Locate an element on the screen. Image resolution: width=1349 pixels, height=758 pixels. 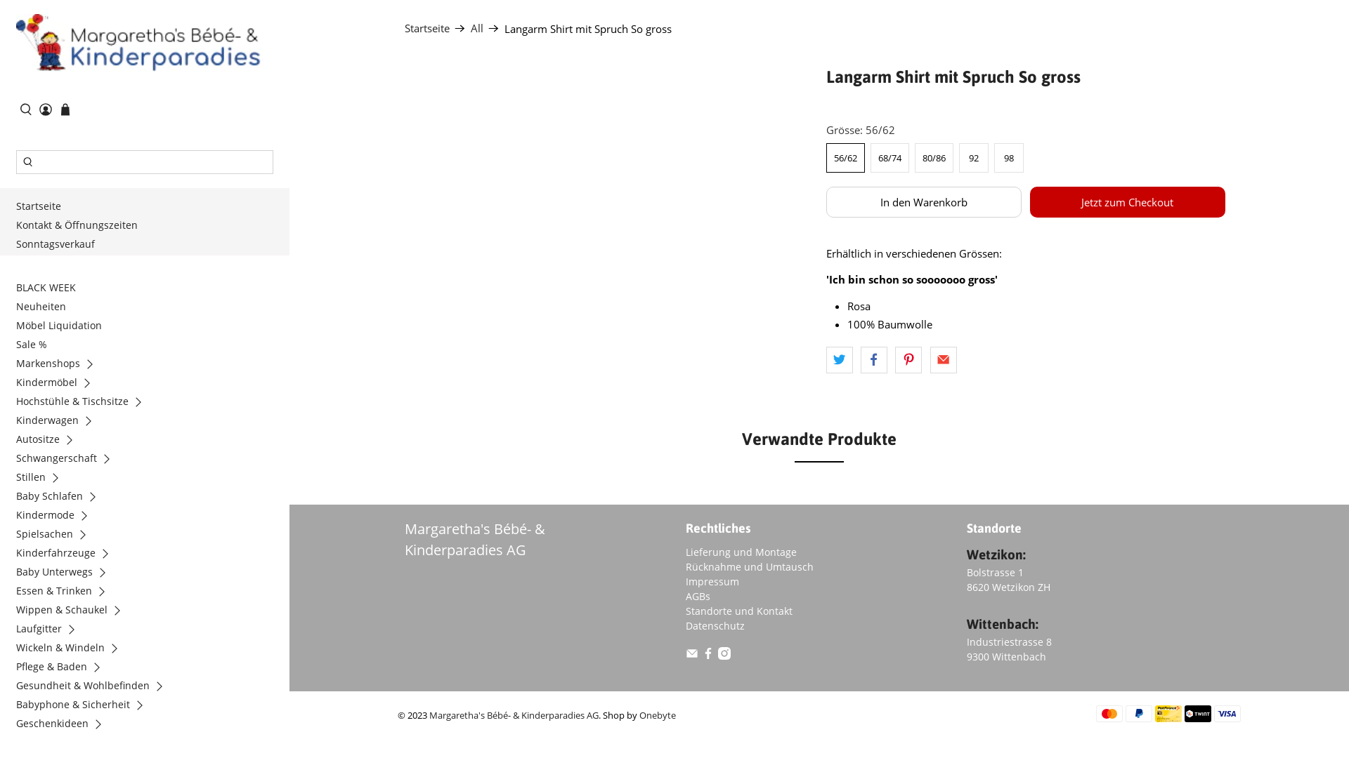
'Onebyte' is located at coordinates (657, 715).